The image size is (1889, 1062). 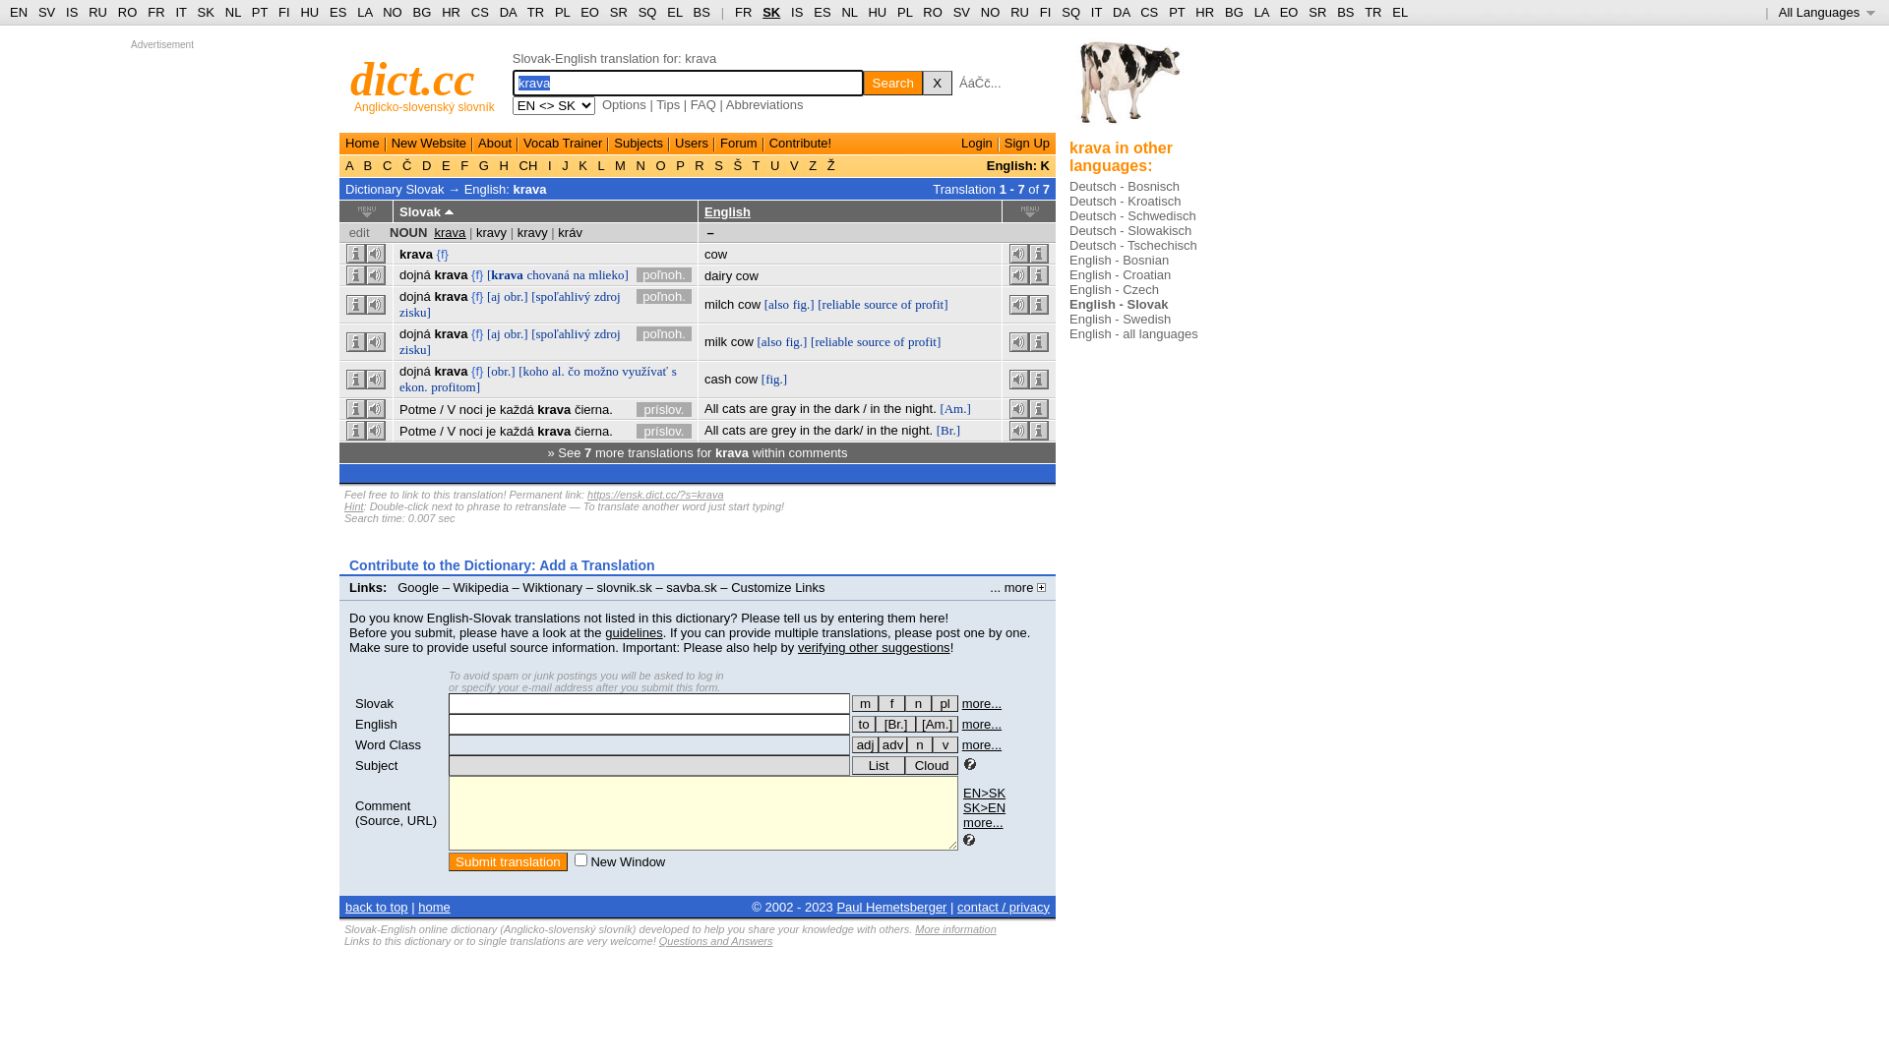 I want to click on 'dark', so click(x=846, y=407).